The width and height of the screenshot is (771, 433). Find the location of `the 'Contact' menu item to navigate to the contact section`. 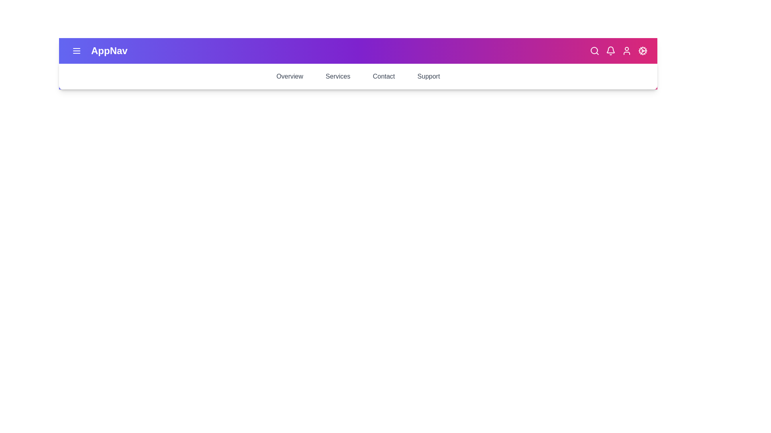

the 'Contact' menu item to navigate to the contact section is located at coordinates (383, 77).